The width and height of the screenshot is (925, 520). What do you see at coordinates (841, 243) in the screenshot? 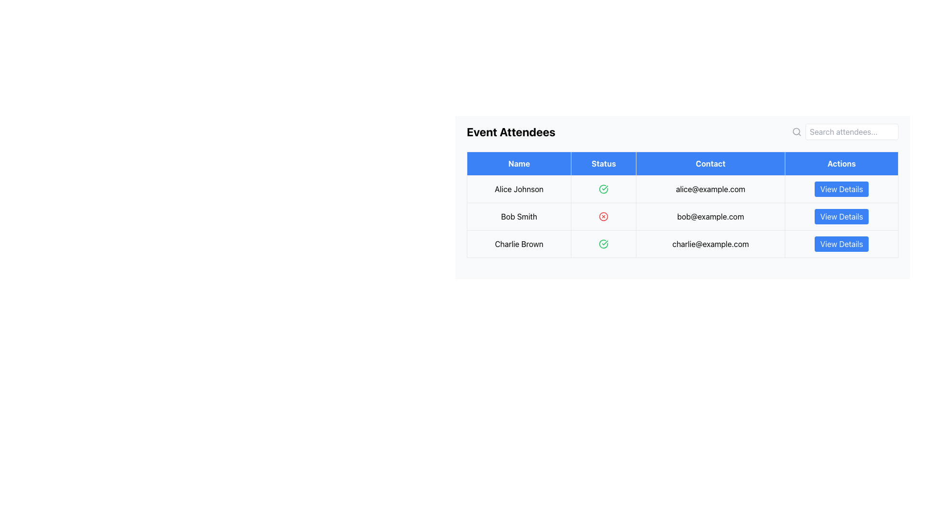
I see `the button in the 'Actions' column of the table` at bounding box center [841, 243].